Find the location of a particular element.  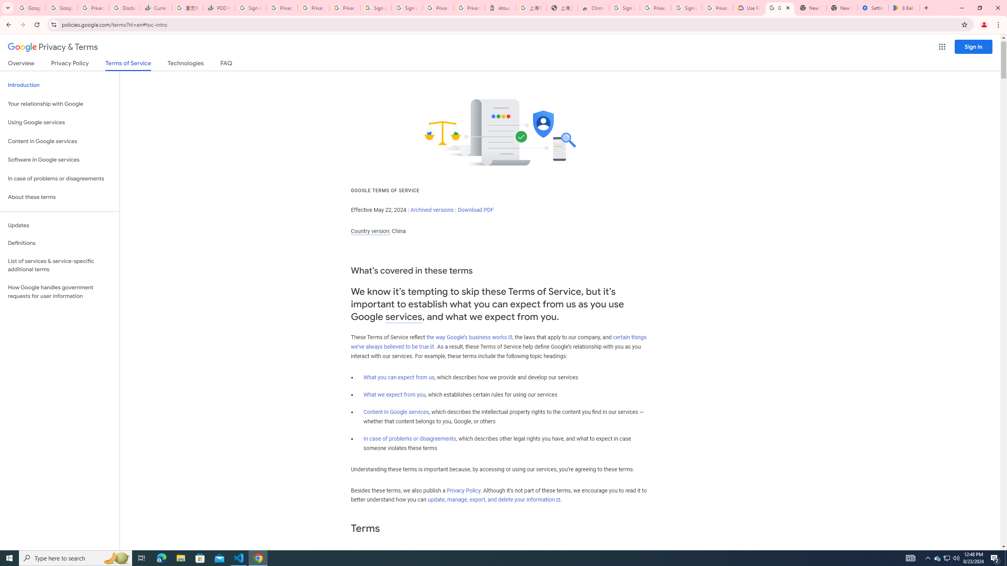

'In case of problems or disagreements' is located at coordinates (409, 438).